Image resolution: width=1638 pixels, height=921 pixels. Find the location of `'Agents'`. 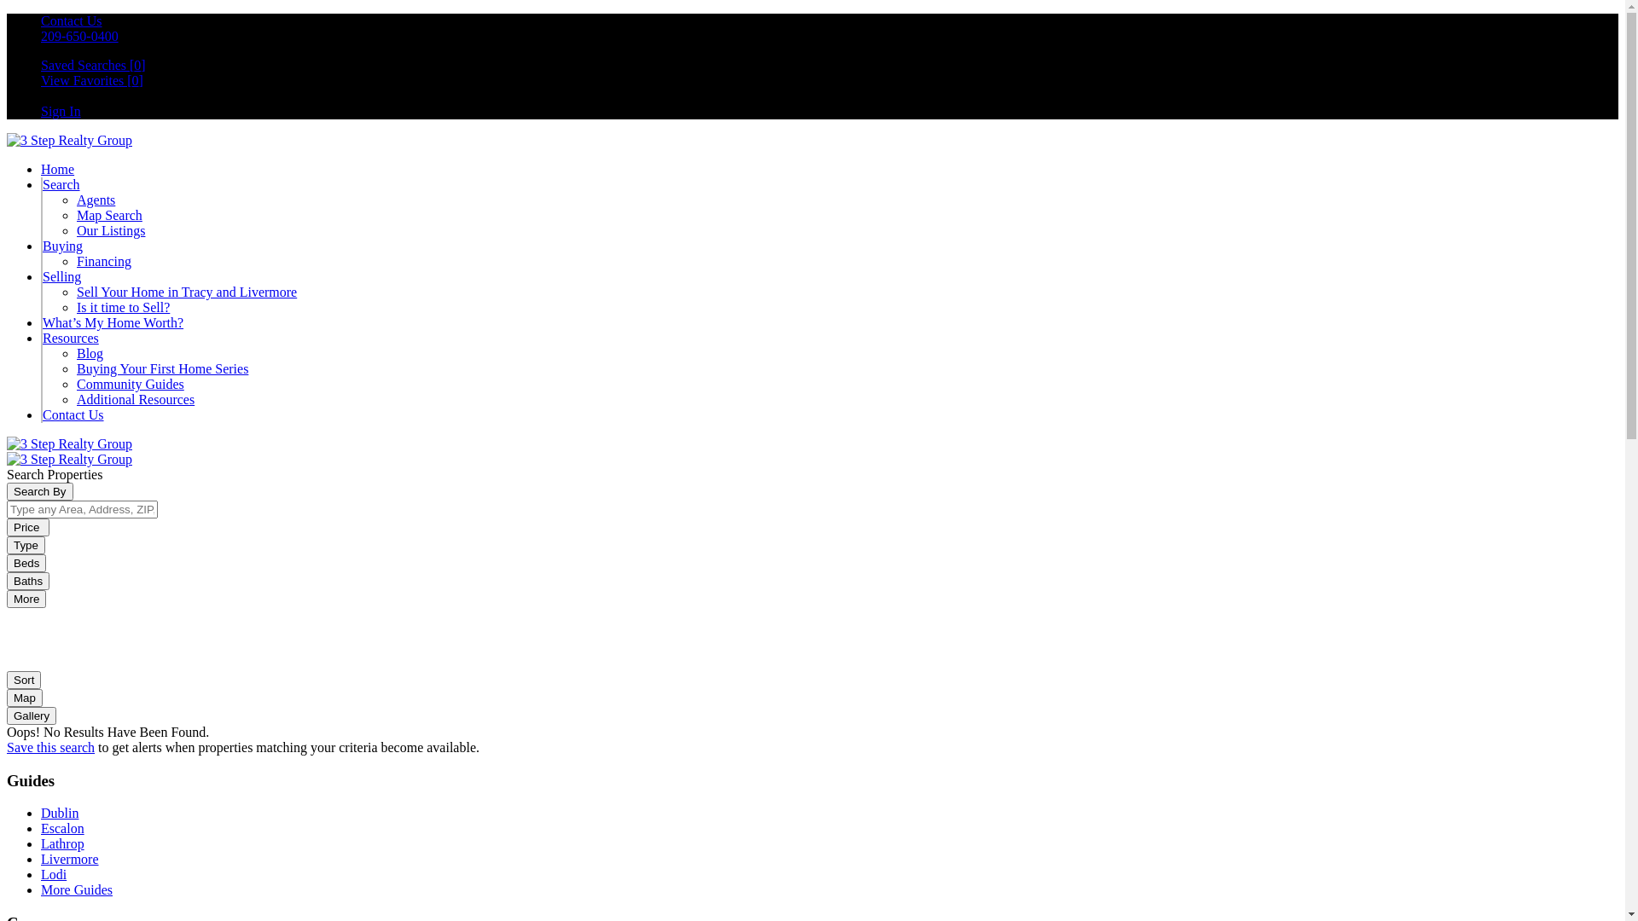

'Agents' is located at coordinates (95, 199).